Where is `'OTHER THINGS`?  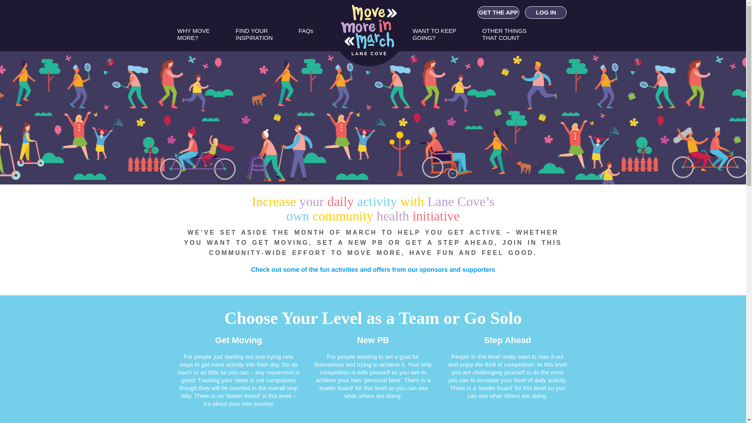 'OTHER THINGS is located at coordinates (504, 38).